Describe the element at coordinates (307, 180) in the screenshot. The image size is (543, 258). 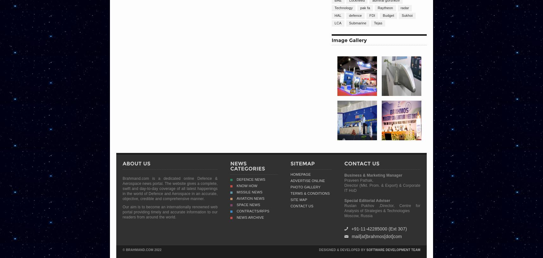
I see `'Advertise Online'` at that location.